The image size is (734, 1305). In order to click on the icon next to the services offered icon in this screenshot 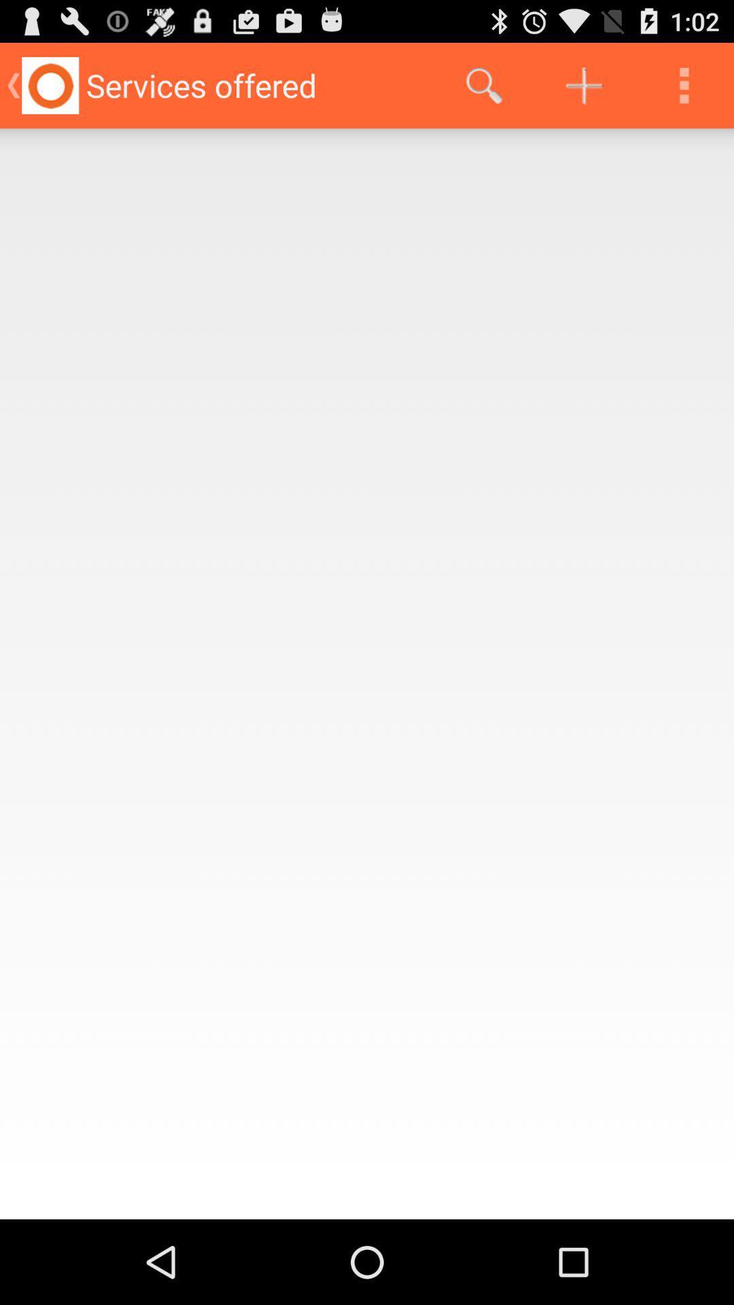, I will do `click(483, 84)`.